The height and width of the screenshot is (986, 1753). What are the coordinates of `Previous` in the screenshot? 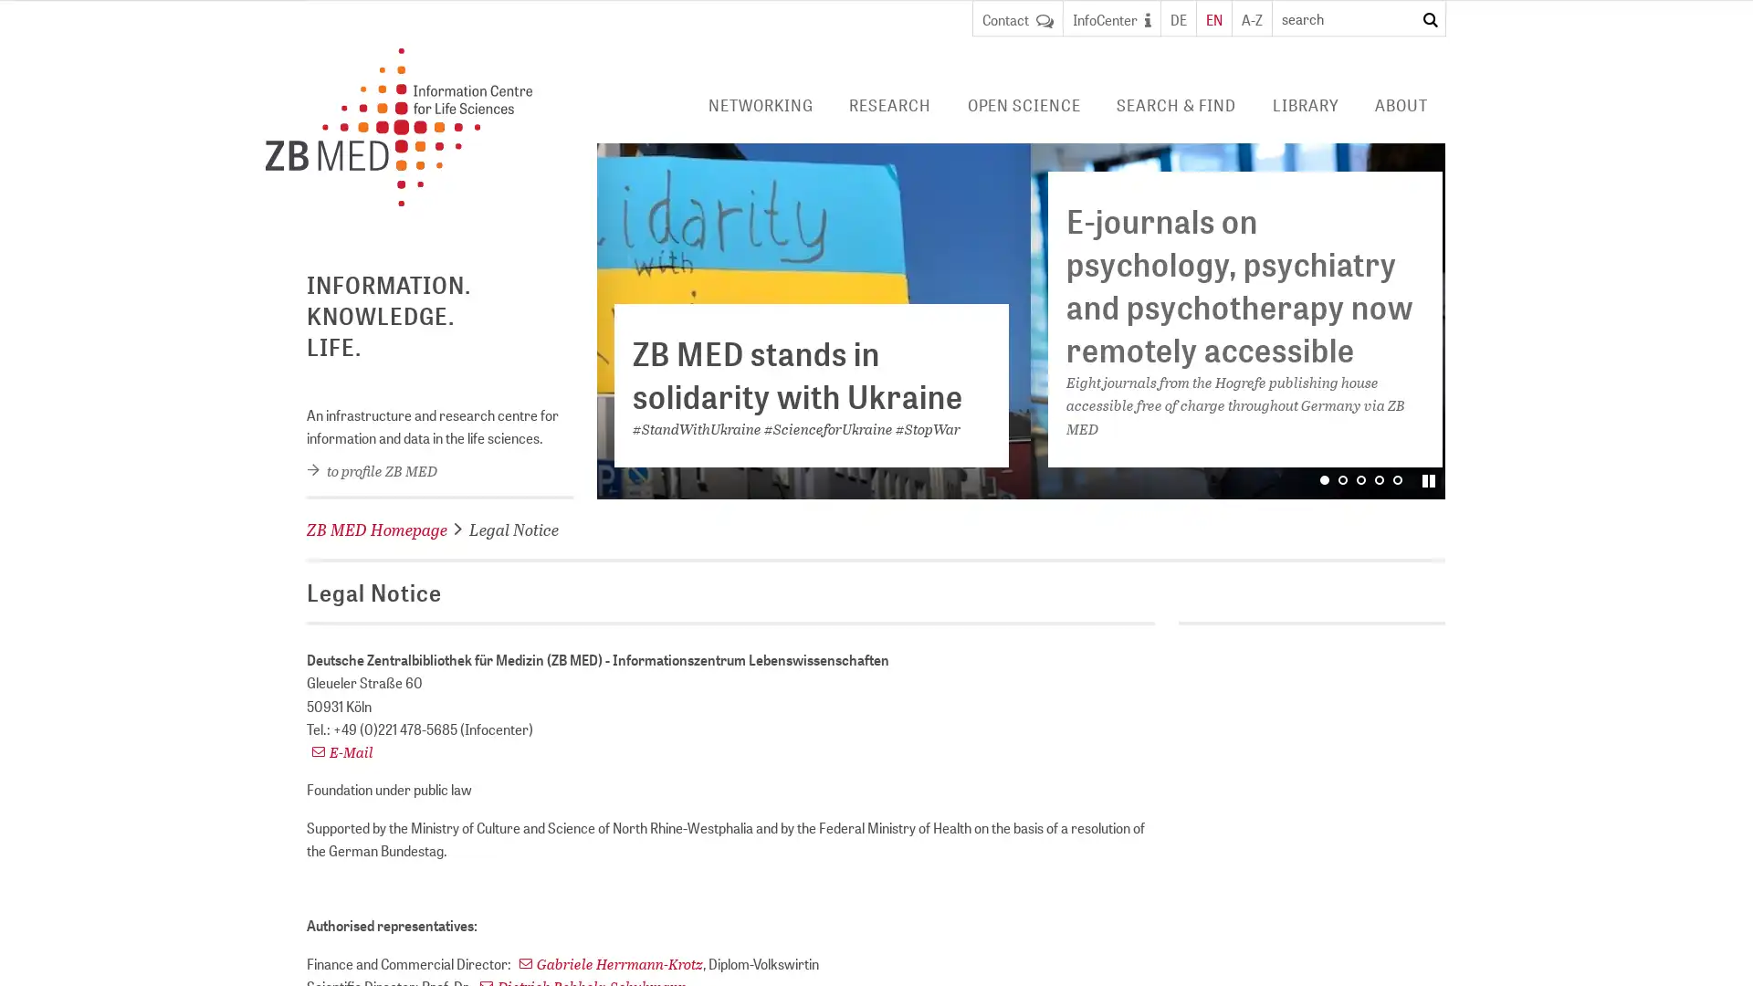 It's located at (621, 320).